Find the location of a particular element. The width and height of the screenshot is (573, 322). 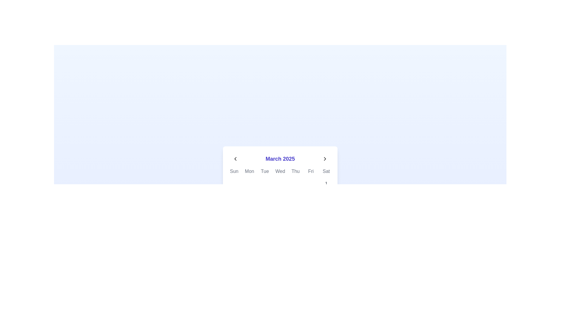

the leftward chevron-shaped button located to the far left of the horizontal bar, before the text 'March 2025' is located at coordinates (235, 158).